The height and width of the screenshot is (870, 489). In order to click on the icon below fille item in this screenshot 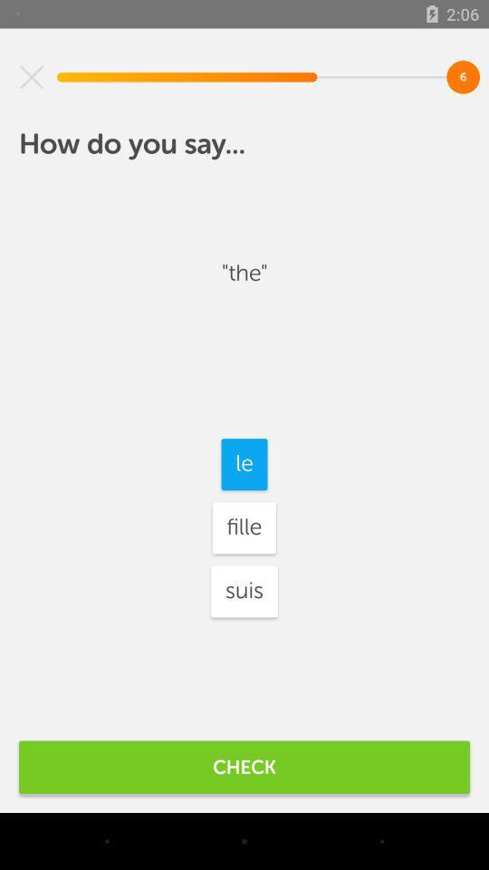, I will do `click(244, 590)`.